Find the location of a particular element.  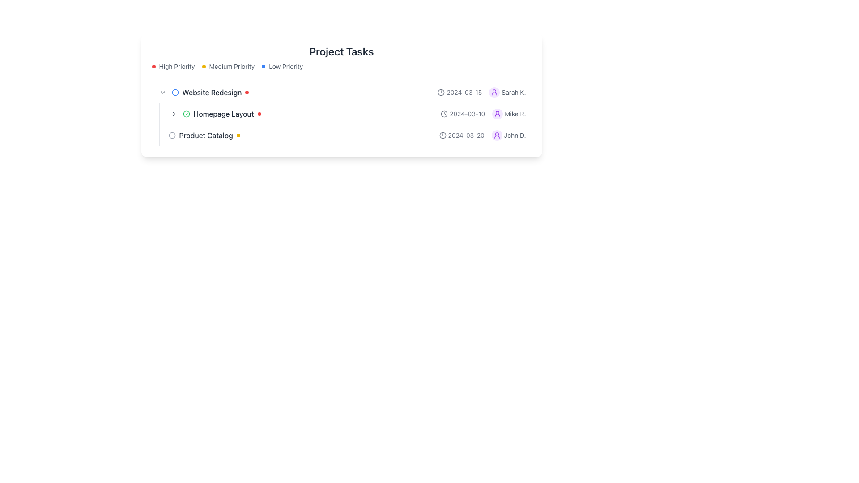

the circular icon with a light purple background and user avatar symbol associated with 'Sarah K.' on the right side of the interface is located at coordinates (494, 93).